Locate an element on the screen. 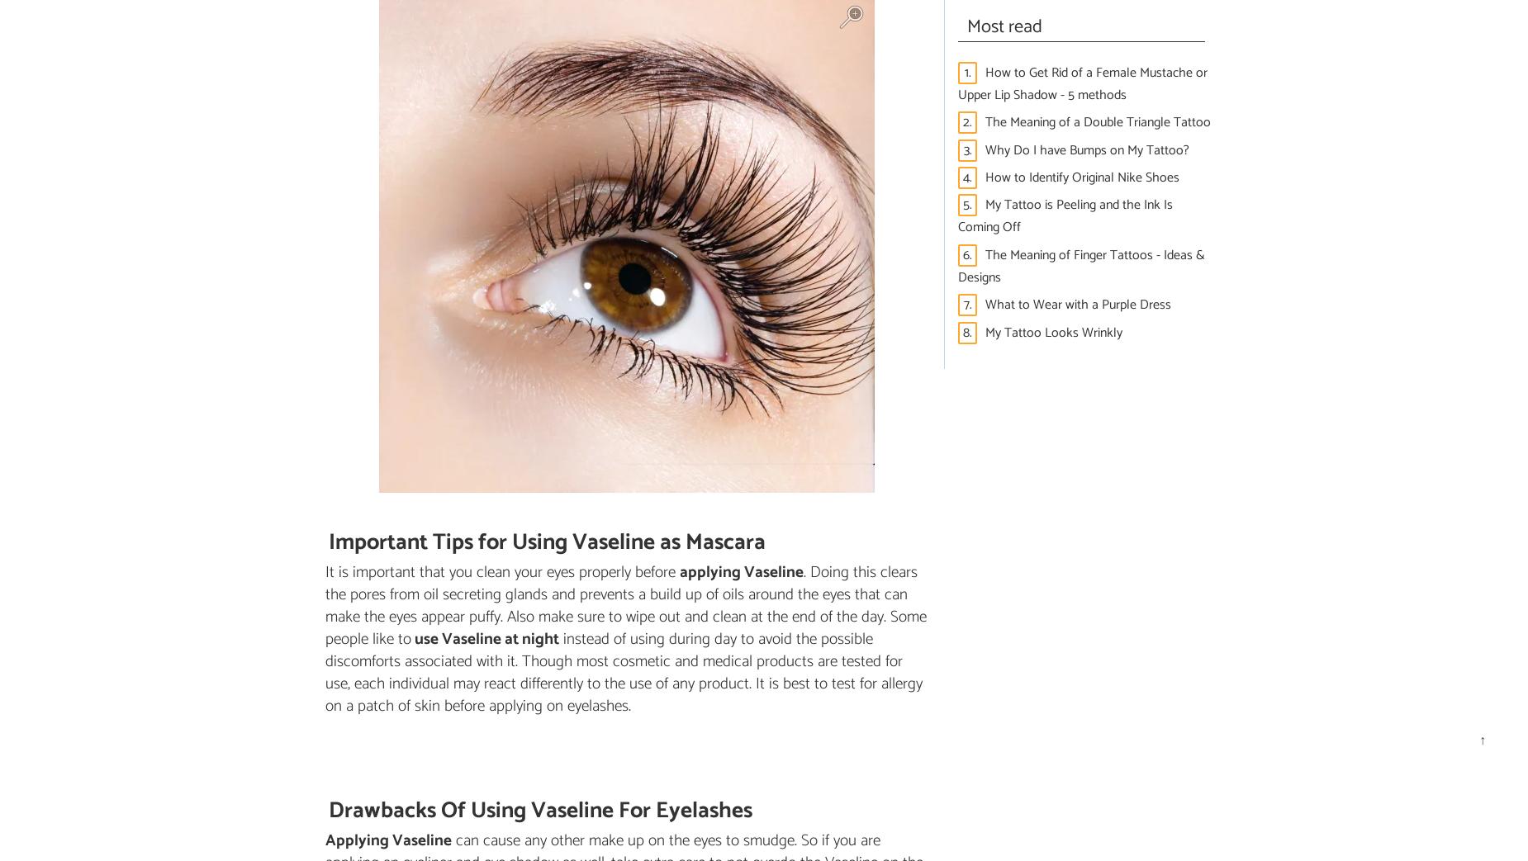  'instead of using during day to avoid the possible discomforts associated with it. Though most cosmetic and medical products are tested for use, each individual may react differently to the use of any product. It is best to test for allergy on a patch of skin before applying on eyelashes.' is located at coordinates (624, 671).